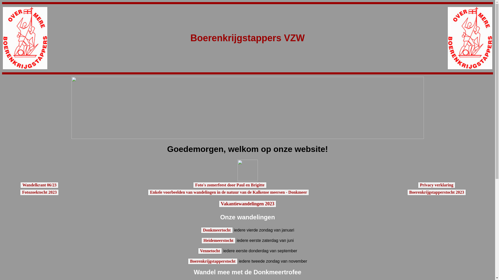 This screenshot has width=499, height=280. I want to click on 'Heidemeerstocht', so click(218, 241).